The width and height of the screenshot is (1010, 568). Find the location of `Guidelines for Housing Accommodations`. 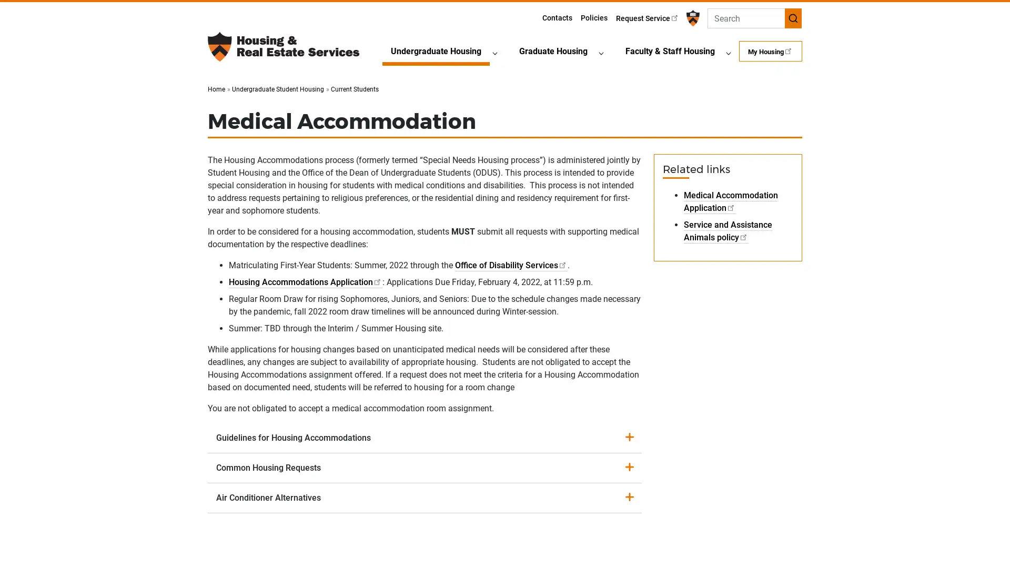

Guidelines for Housing Accommodations is located at coordinates (424, 438).